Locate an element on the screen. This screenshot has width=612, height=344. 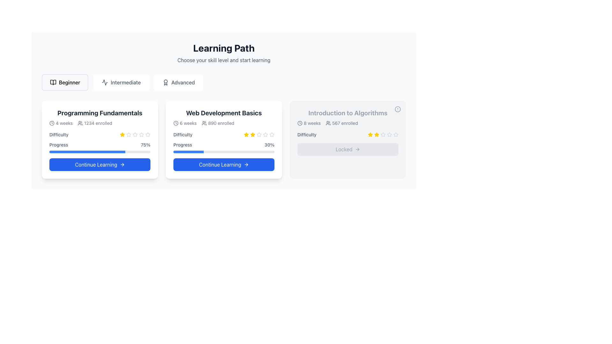
the 'Beginner' button, which is a rounded rectangular button with a light green background and darker green text, located near the upper-left part of the interface is located at coordinates (65, 82).